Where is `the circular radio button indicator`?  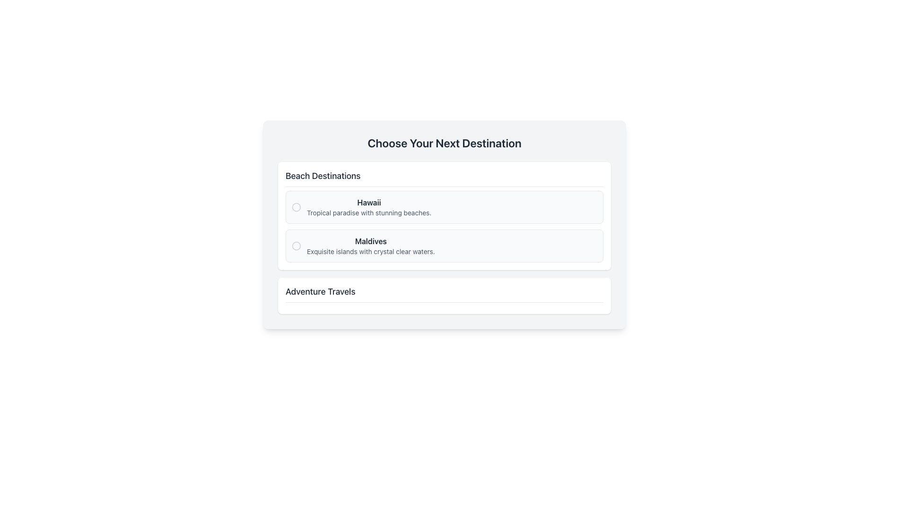
the circular radio button indicator is located at coordinates (296, 245).